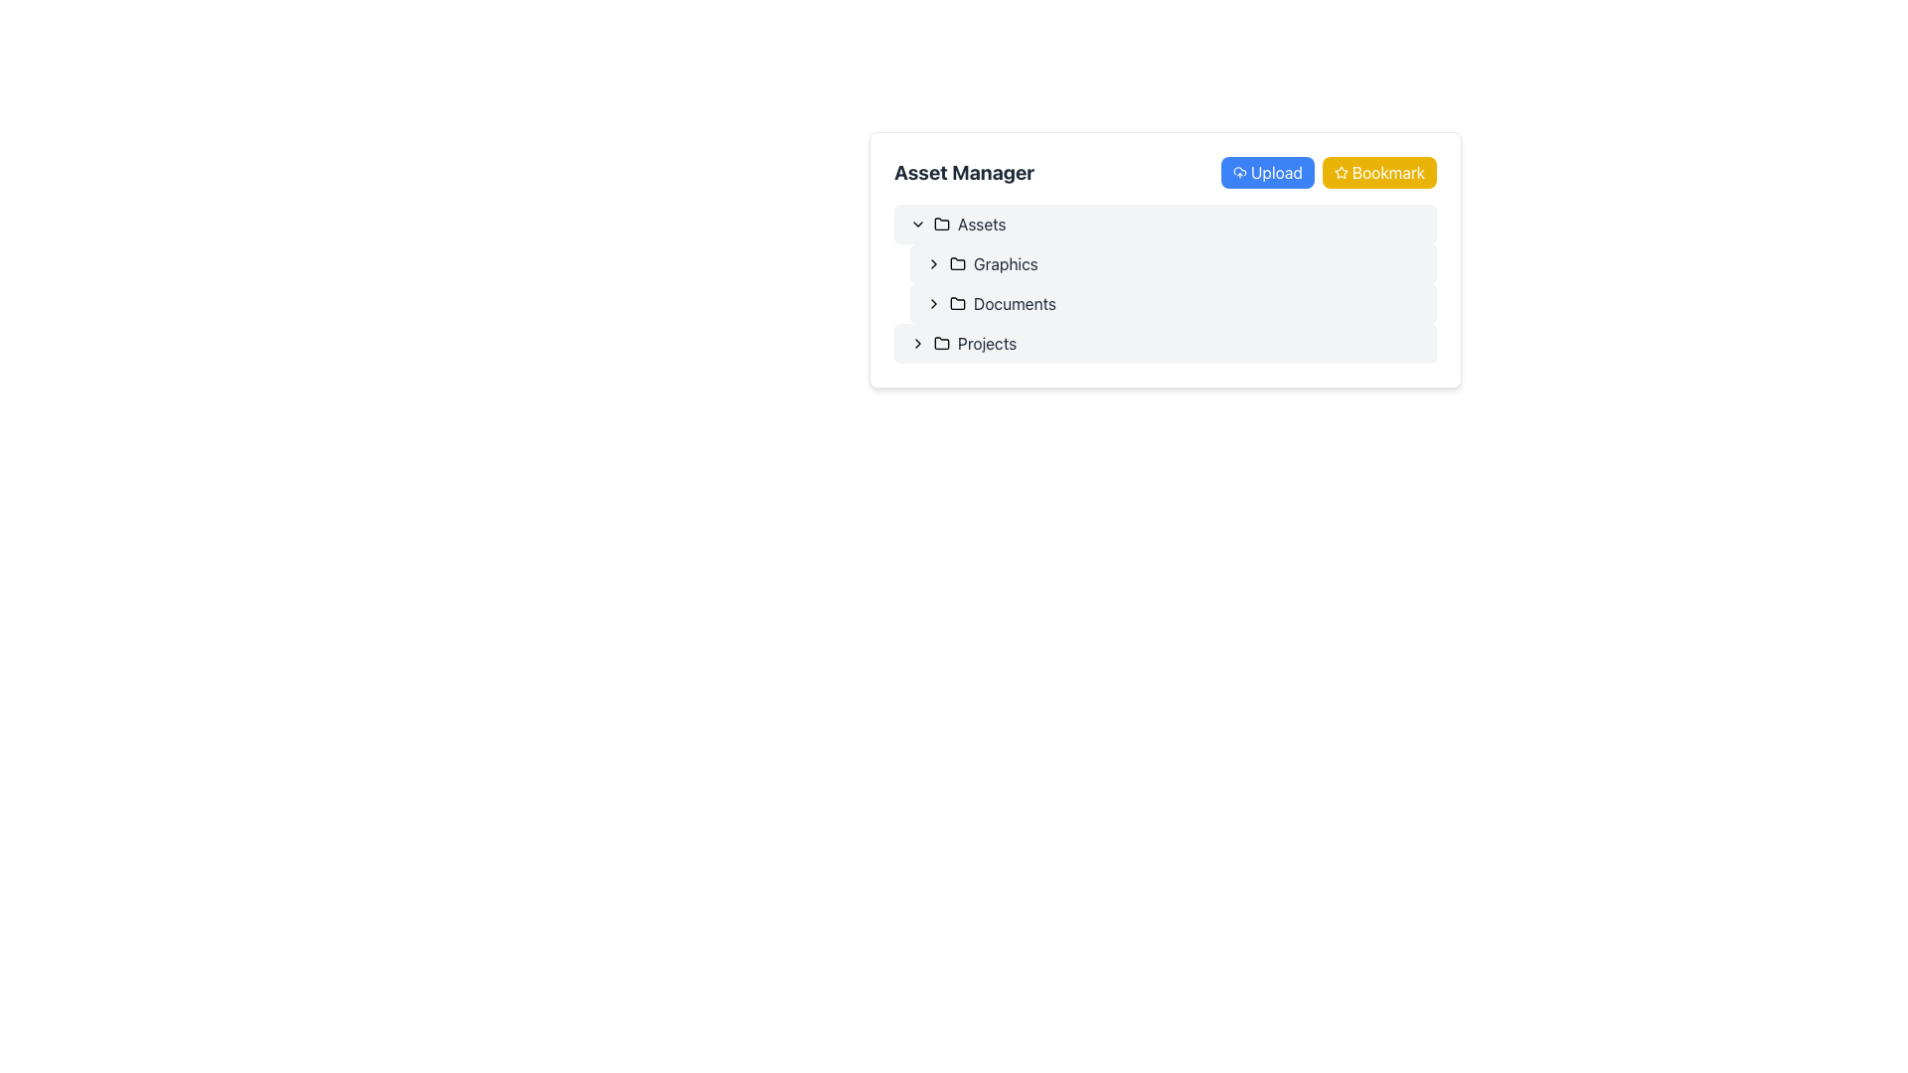 This screenshot has width=1908, height=1073. What do you see at coordinates (917, 343) in the screenshot?
I see `the right-chevron icon associated with the 'Projects' folder, which is positioned to the left of the folder icon and label` at bounding box center [917, 343].